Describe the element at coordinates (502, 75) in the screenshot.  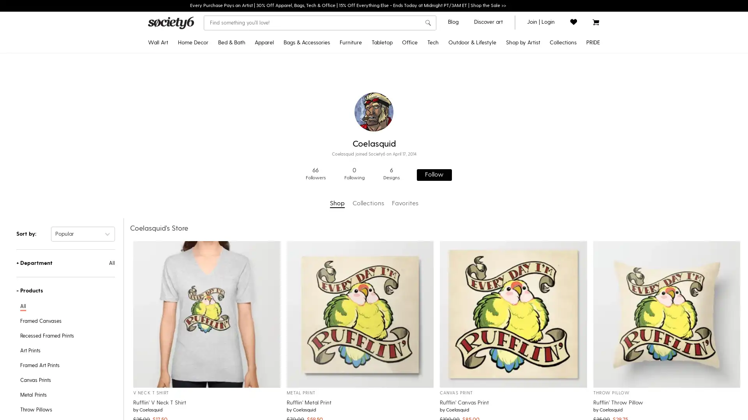
I see `Star WarsTM` at that location.